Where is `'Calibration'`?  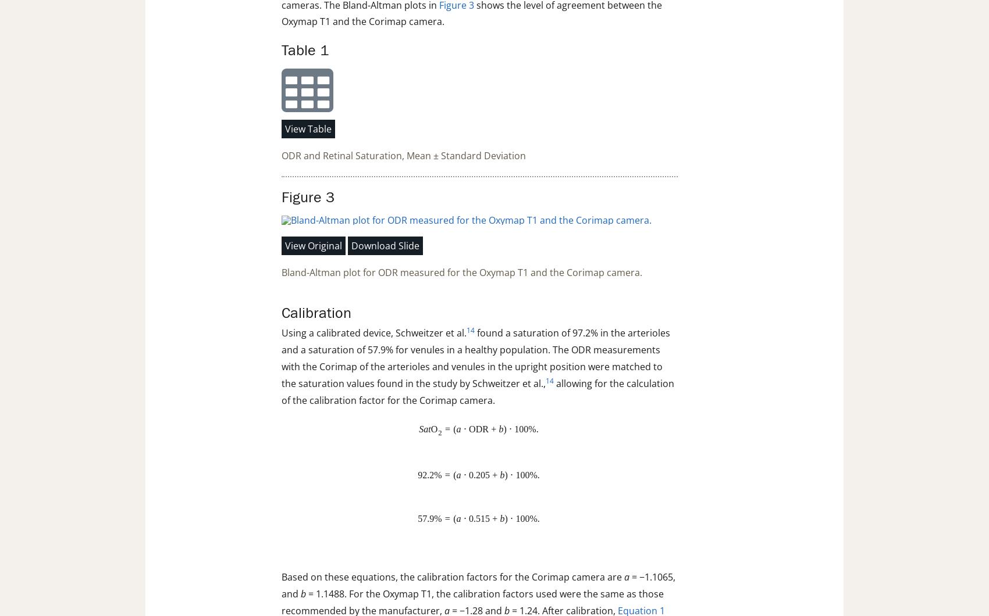 'Calibration' is located at coordinates (316, 313).